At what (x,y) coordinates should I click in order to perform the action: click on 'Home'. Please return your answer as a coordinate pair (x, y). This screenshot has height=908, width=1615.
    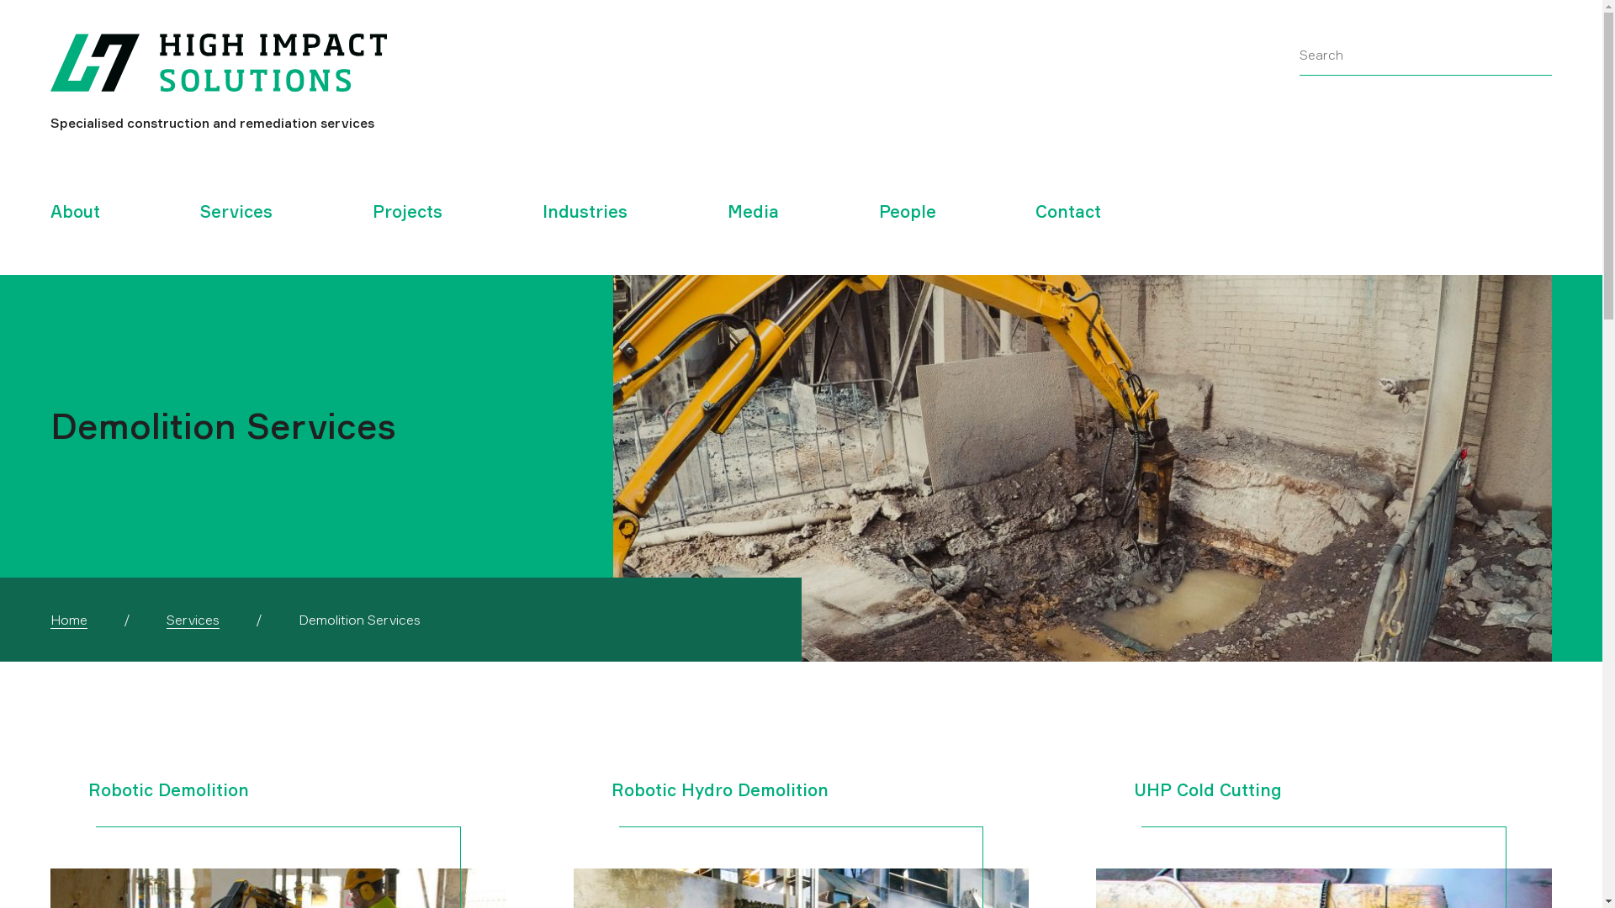
    Looking at the image, I should click on (67, 620).